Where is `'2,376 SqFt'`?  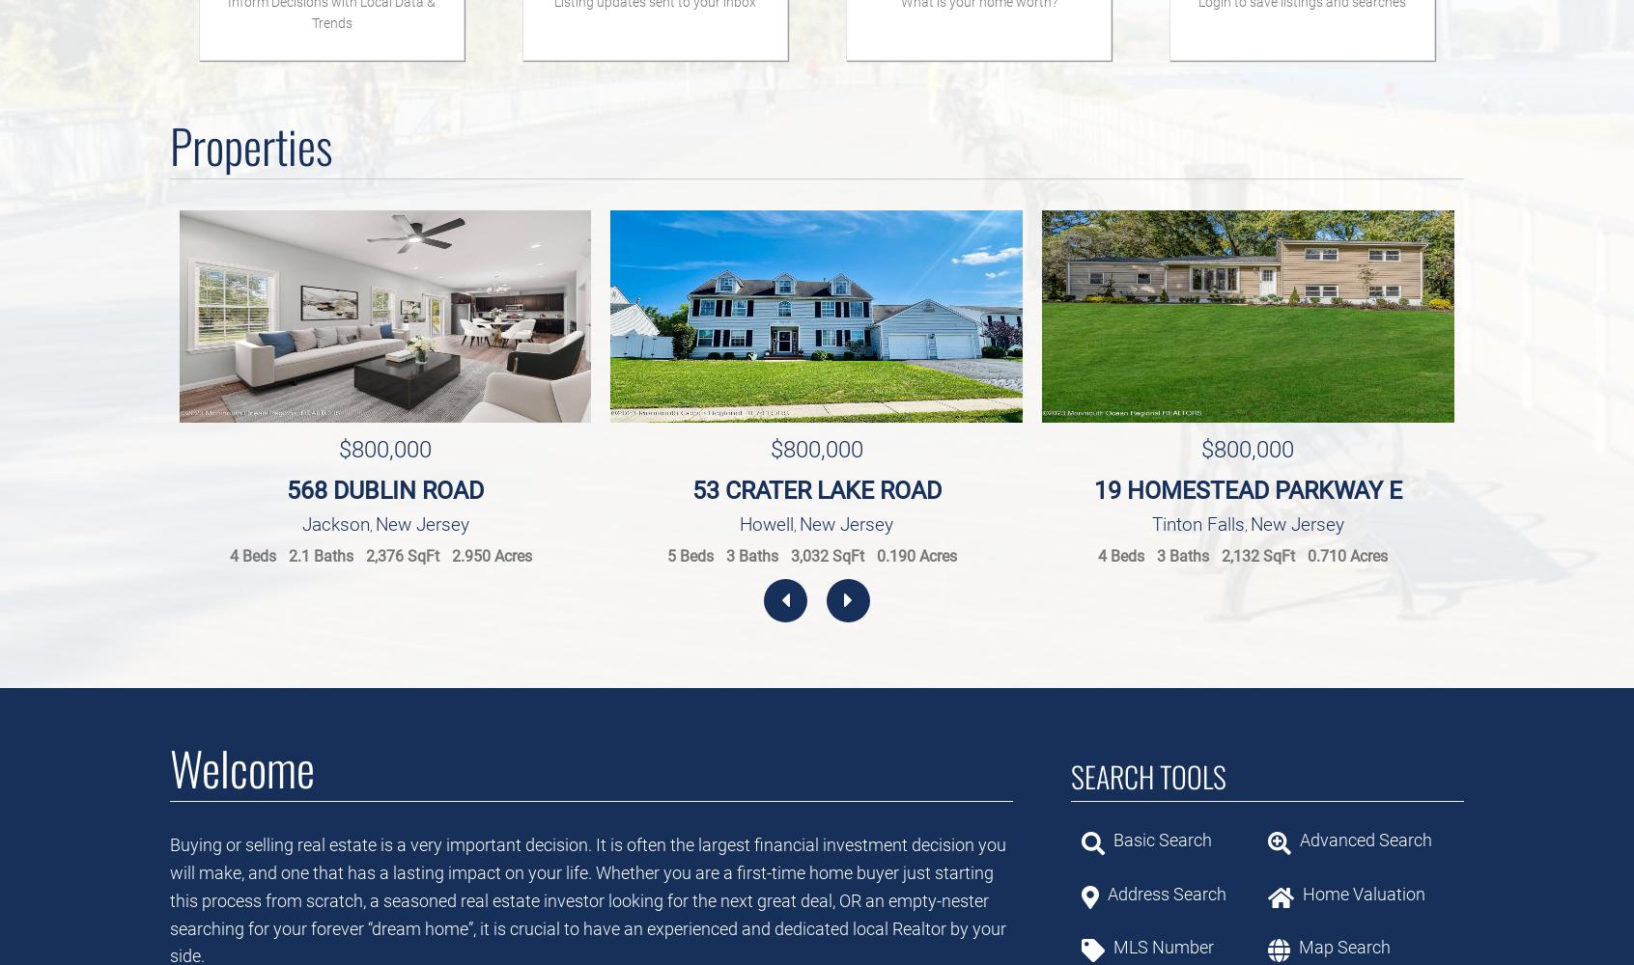
'2,376 SqFt' is located at coordinates (402, 555).